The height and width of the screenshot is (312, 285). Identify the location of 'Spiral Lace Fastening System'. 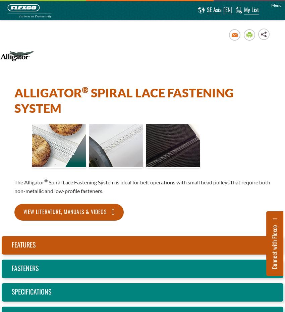
(123, 100).